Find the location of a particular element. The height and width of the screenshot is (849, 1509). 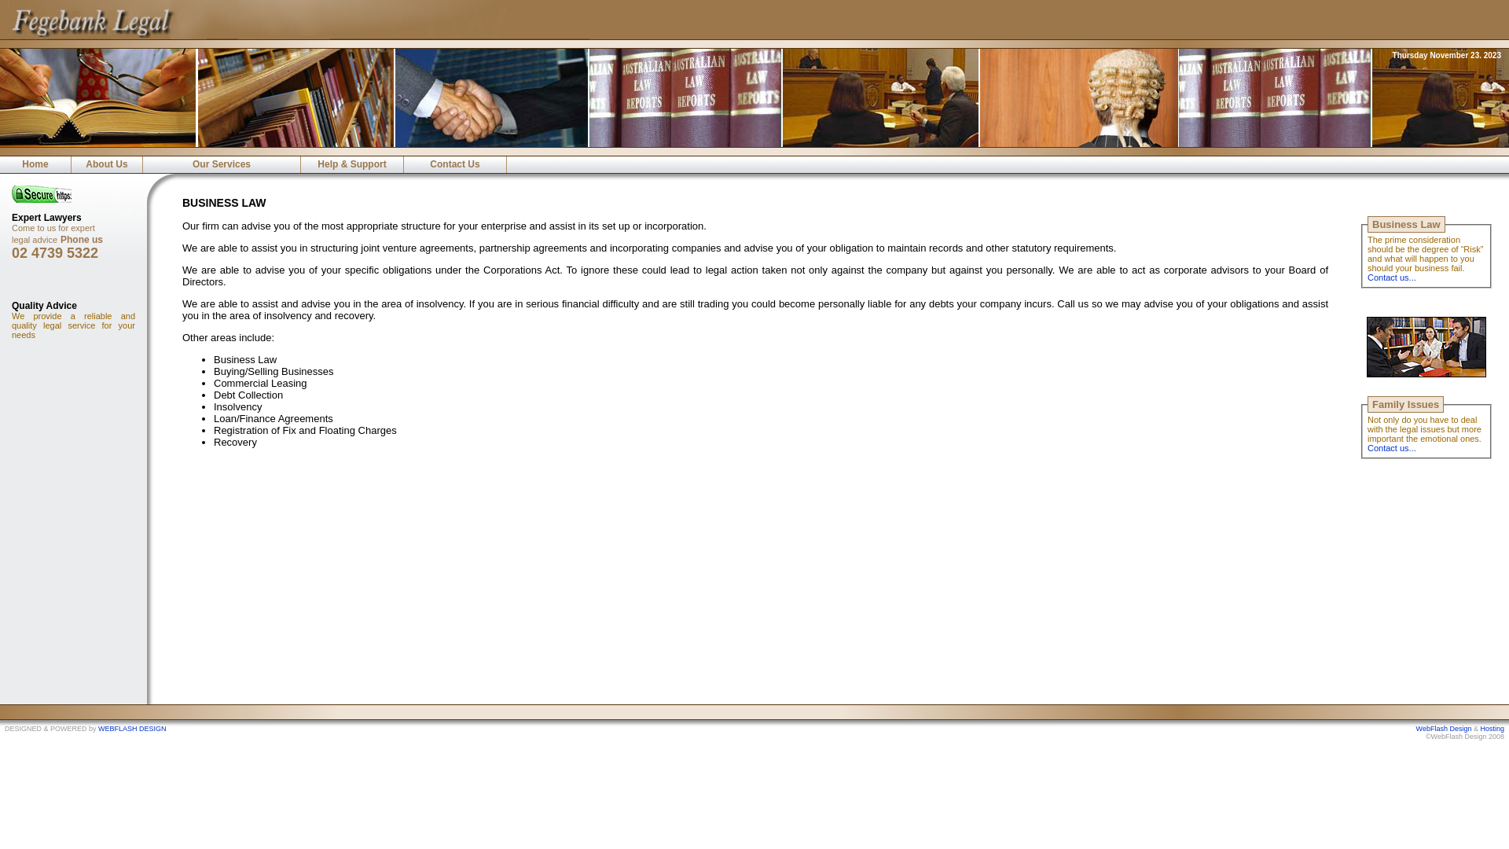

'Home' is located at coordinates (35, 164).